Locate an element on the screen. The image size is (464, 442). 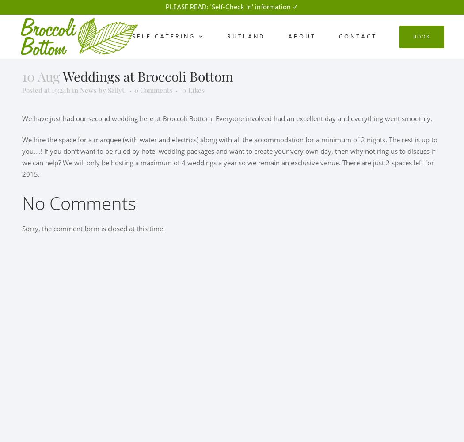
'in' is located at coordinates (75, 90).